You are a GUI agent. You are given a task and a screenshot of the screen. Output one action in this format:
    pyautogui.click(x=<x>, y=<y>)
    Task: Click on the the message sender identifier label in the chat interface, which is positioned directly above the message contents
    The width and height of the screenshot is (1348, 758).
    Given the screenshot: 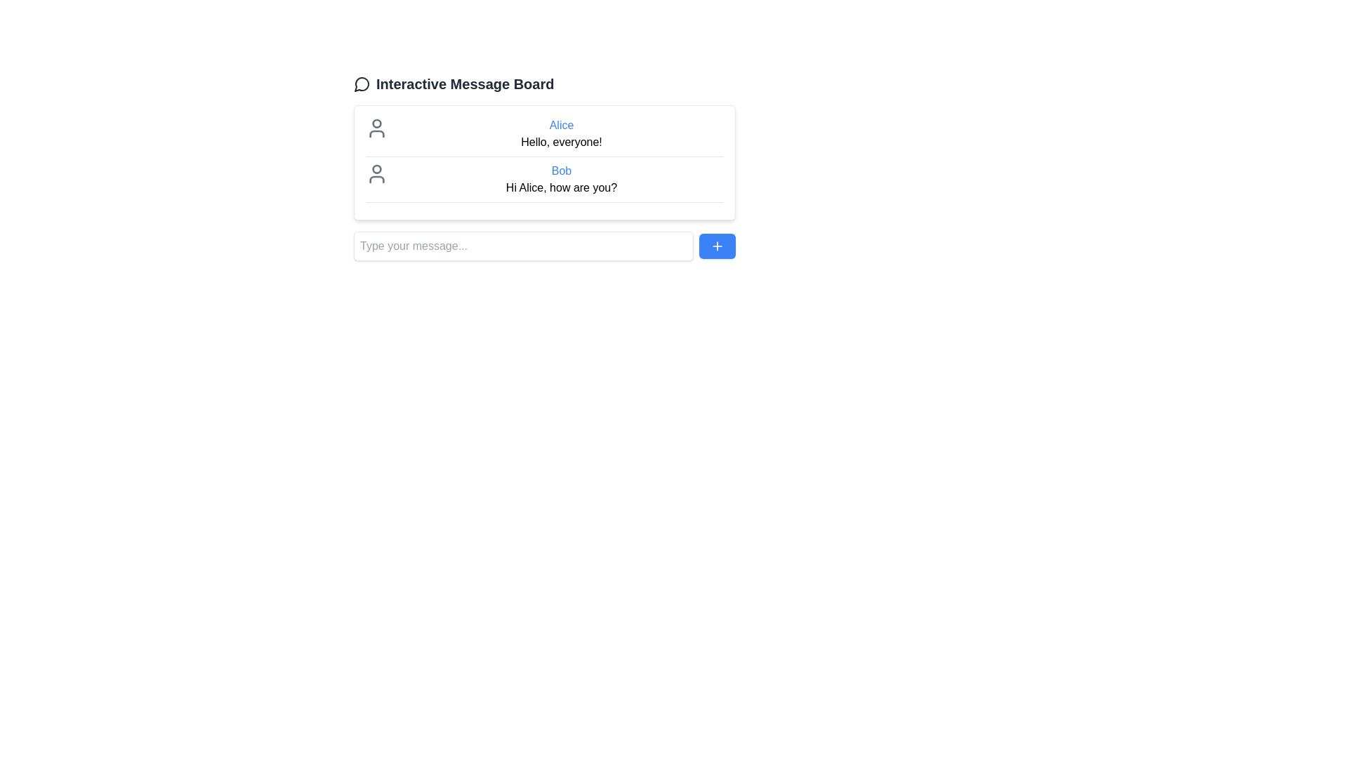 What is the action you would take?
    pyautogui.click(x=562, y=170)
    